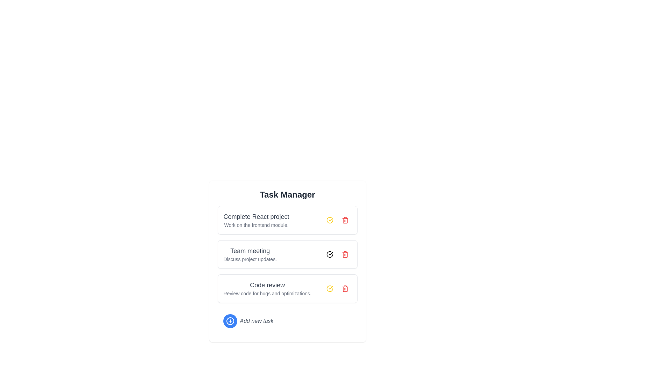 The image size is (671, 377). What do you see at coordinates (329, 288) in the screenshot?
I see `the yellow circular icon with a checkmark next to 'Team meeting'` at bounding box center [329, 288].